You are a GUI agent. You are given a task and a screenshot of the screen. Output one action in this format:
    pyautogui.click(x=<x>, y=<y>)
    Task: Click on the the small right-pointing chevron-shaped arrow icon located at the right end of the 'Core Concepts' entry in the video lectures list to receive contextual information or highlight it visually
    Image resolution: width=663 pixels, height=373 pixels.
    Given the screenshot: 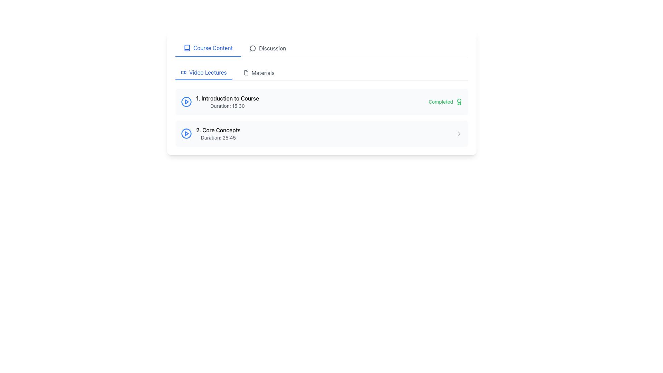 What is the action you would take?
    pyautogui.click(x=459, y=133)
    